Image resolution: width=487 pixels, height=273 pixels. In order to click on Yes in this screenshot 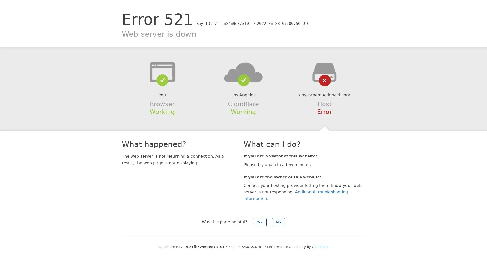, I will do `click(259, 222)`.